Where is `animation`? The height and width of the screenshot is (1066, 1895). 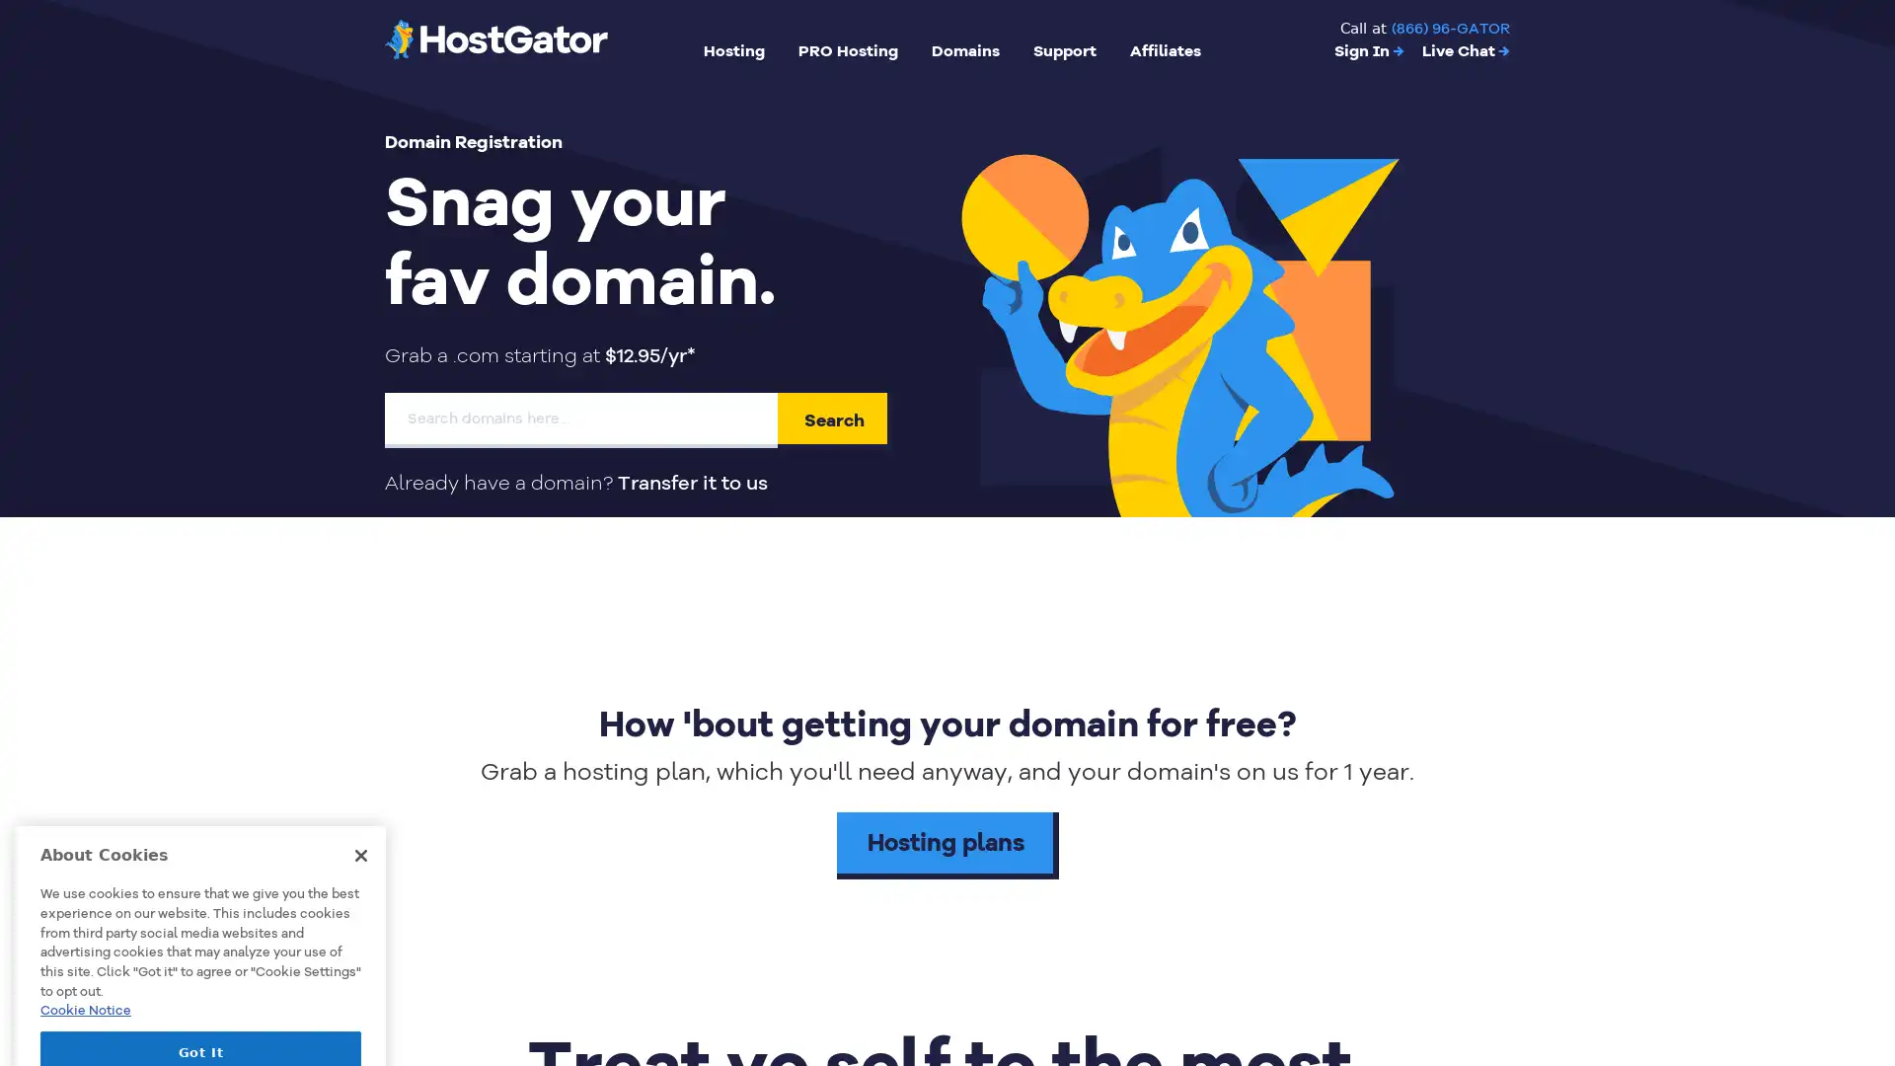
animation is located at coordinates (1182, 311).